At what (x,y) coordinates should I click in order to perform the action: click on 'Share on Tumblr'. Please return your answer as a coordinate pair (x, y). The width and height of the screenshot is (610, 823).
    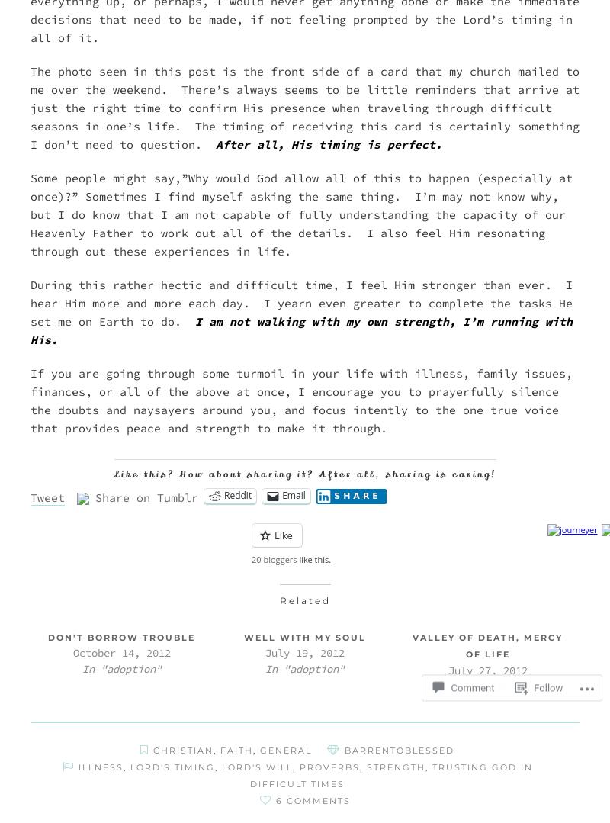
    Looking at the image, I should click on (146, 496).